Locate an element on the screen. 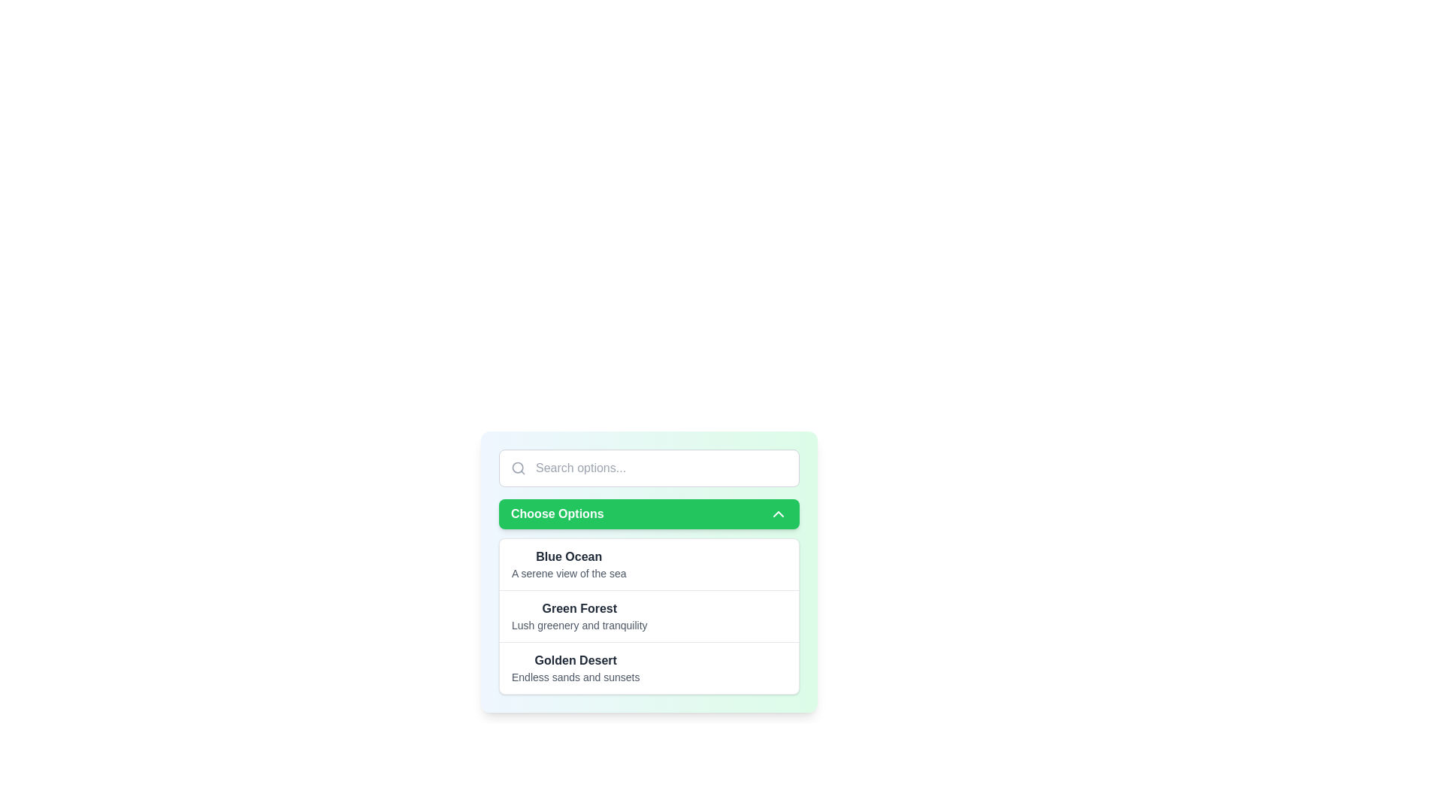  the static text label describing the option 'Green Forest', which is positioned within a dropdown interface beneath the green button labeled 'Choose Options' is located at coordinates (579, 609).